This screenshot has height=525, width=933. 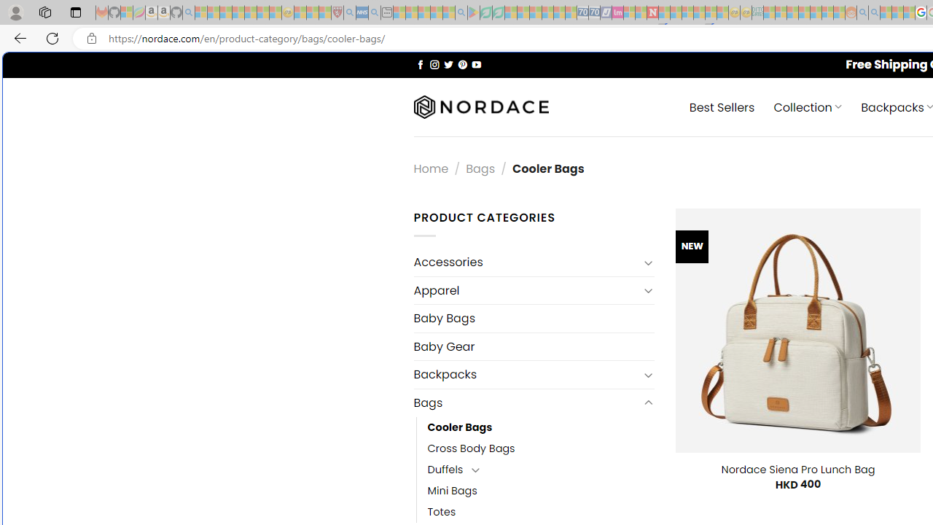 I want to click on 'Terms of Use Agreement - Sleeping', so click(x=485, y=12).